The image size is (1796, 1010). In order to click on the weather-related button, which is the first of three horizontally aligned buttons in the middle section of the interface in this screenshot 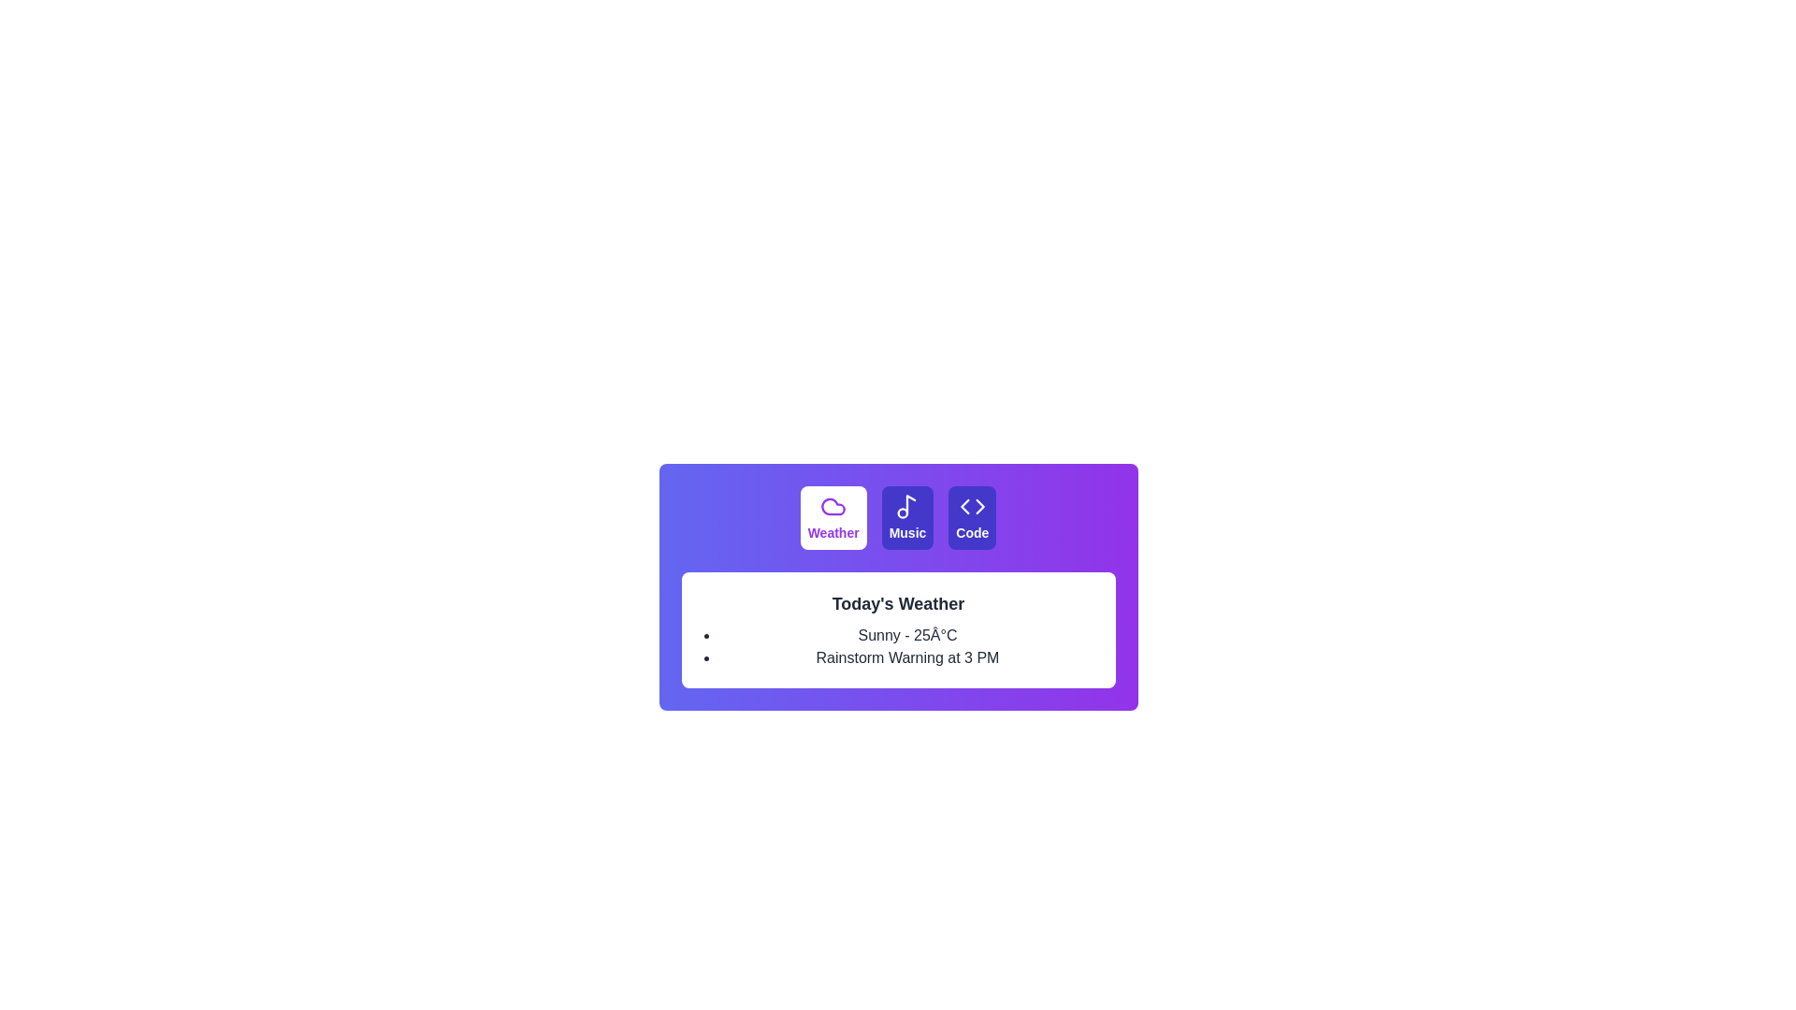, I will do `click(833, 518)`.